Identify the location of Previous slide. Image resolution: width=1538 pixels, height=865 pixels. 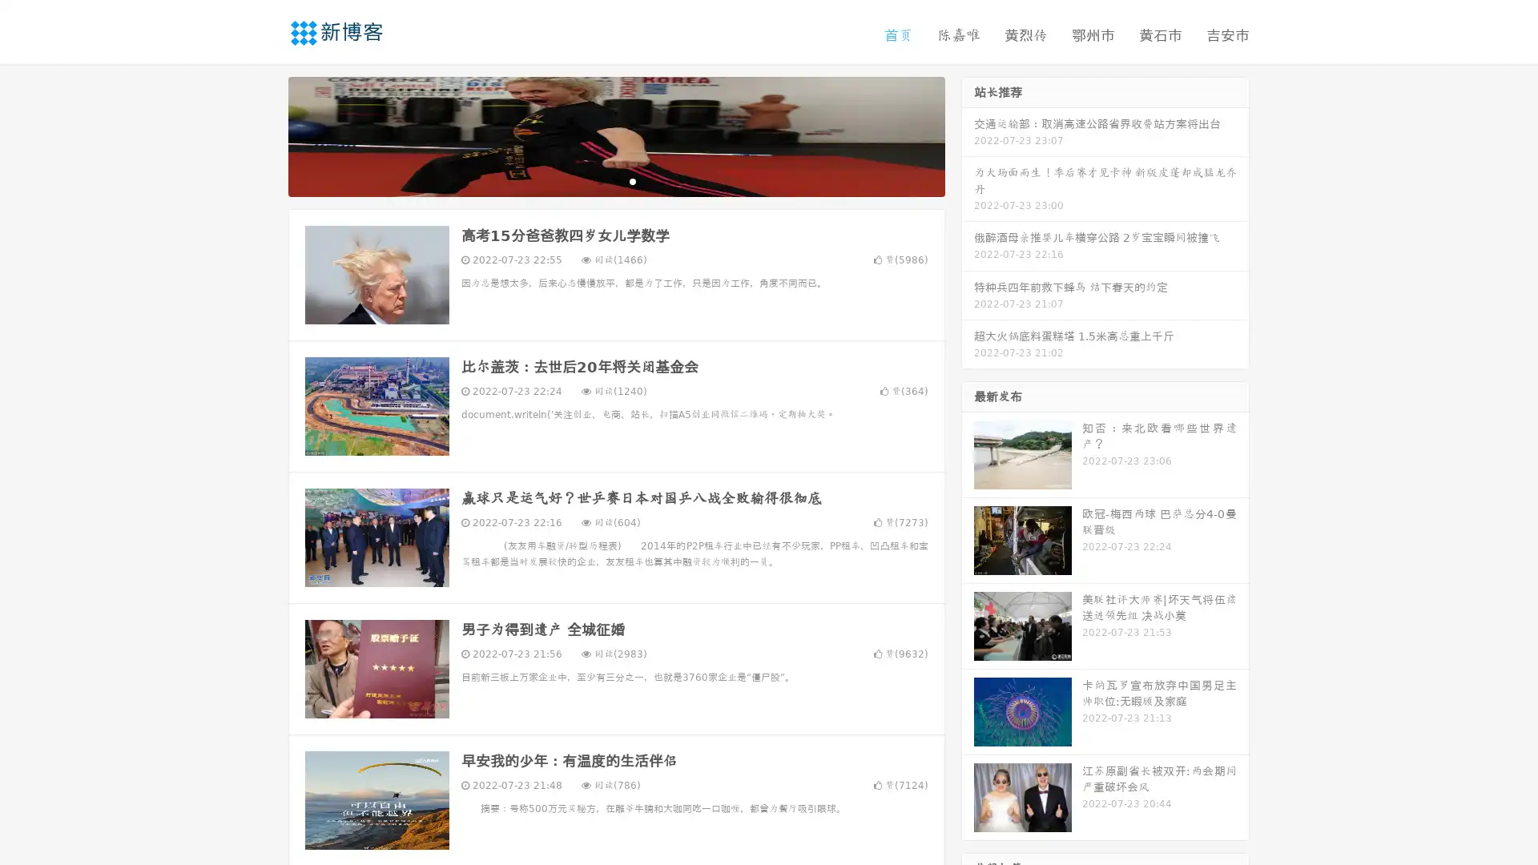
(264, 135).